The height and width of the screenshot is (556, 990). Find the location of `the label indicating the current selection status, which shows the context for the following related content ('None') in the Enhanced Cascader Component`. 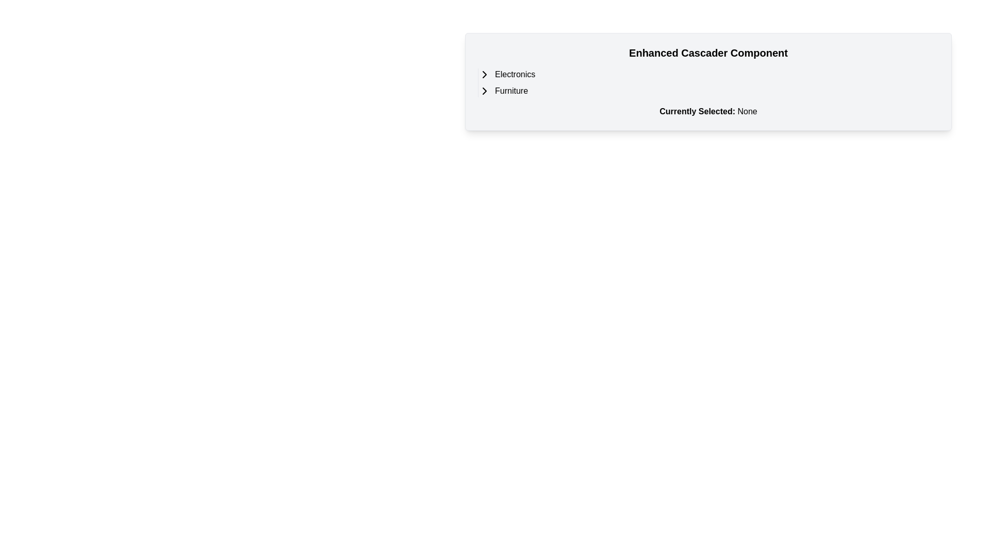

the label indicating the current selection status, which shows the context for the following related content ('None') in the Enhanced Cascader Component is located at coordinates (697, 111).